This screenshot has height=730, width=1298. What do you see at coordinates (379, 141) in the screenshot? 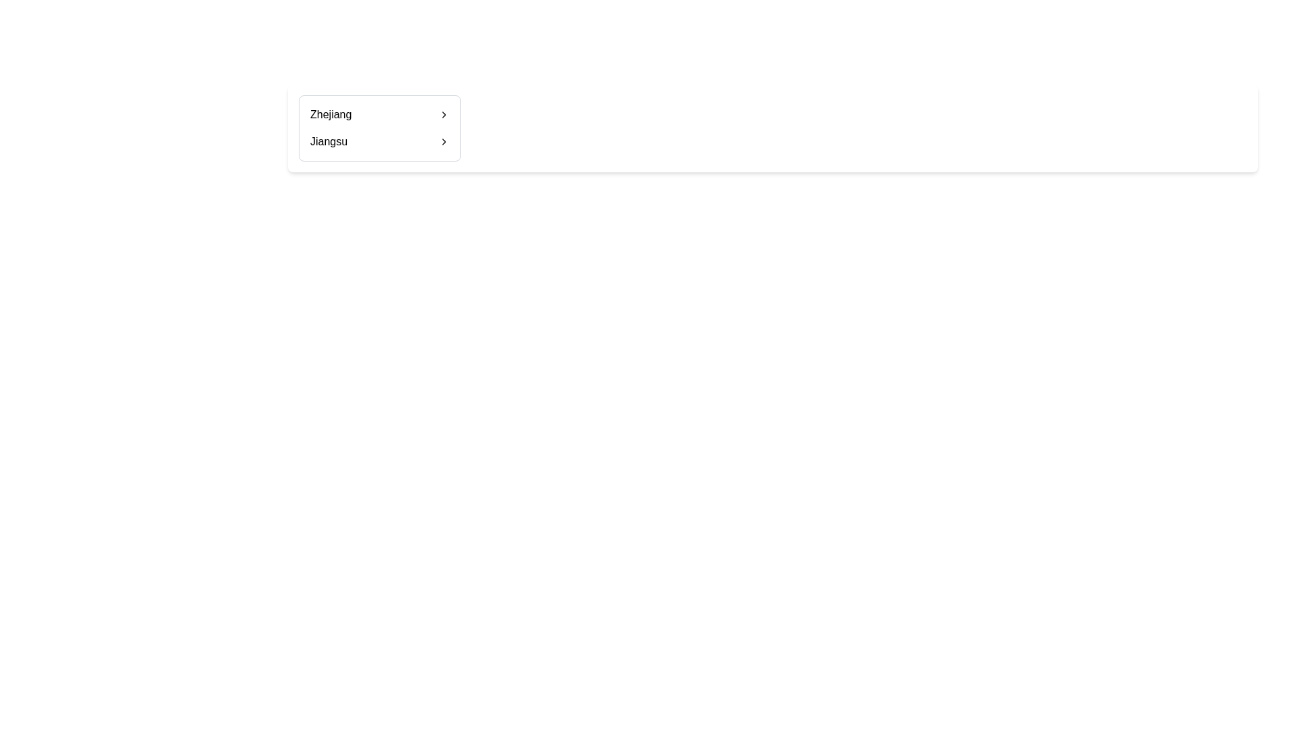
I see `the second list item labeled 'Jiangsu'` at bounding box center [379, 141].